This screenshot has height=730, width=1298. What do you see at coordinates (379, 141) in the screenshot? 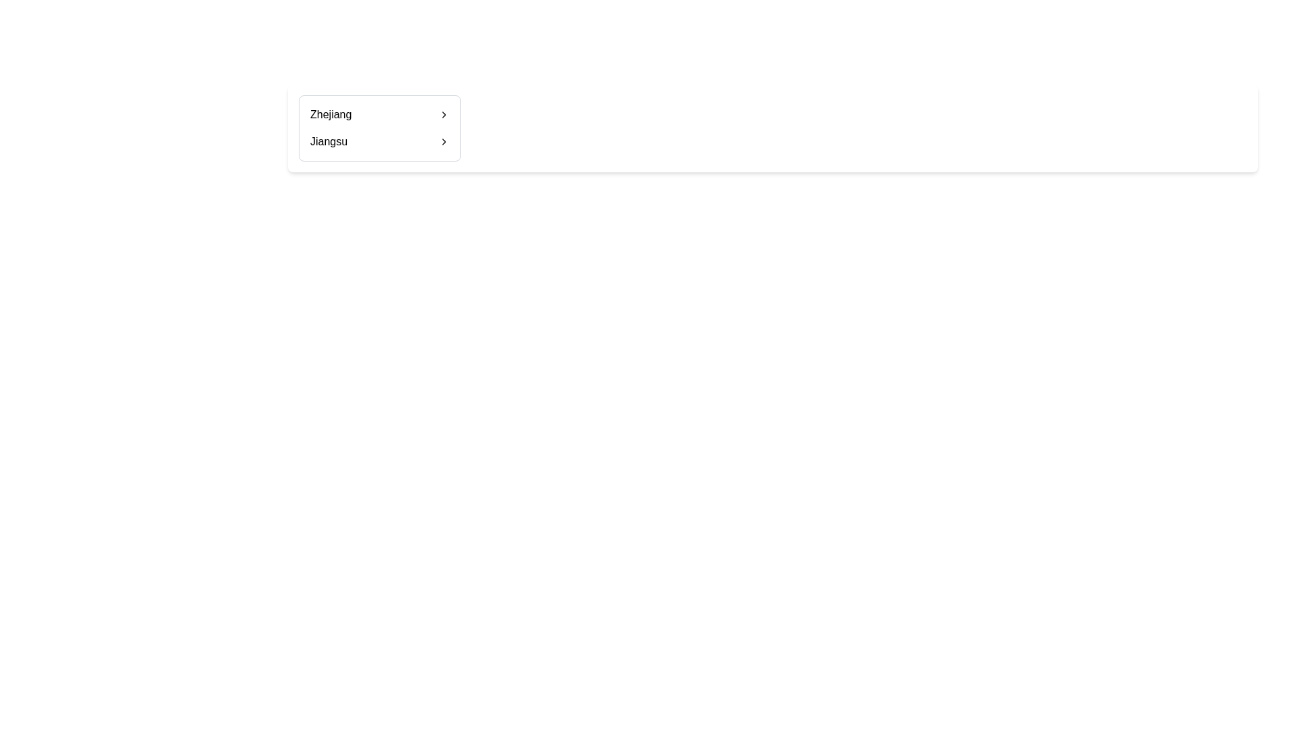
I see `the second list item labeled 'Jiangsu'` at bounding box center [379, 141].